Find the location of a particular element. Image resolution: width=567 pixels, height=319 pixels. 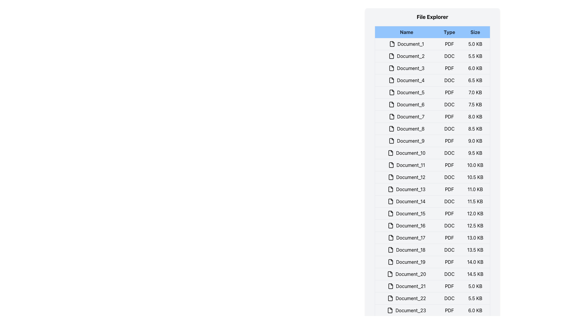

the file type icon located to the left of the text in the row corresponding to 'Document_4' in the file explorer is located at coordinates (392, 80).